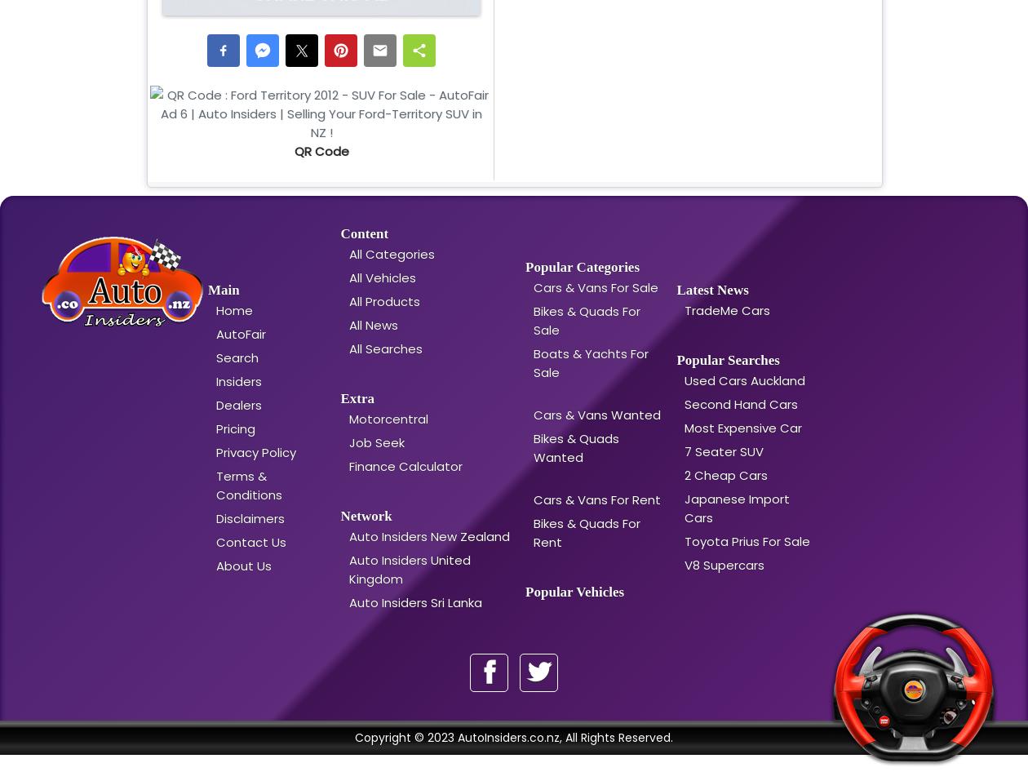 The image size is (1028, 772). I want to click on 'Latest News', so click(712, 290).